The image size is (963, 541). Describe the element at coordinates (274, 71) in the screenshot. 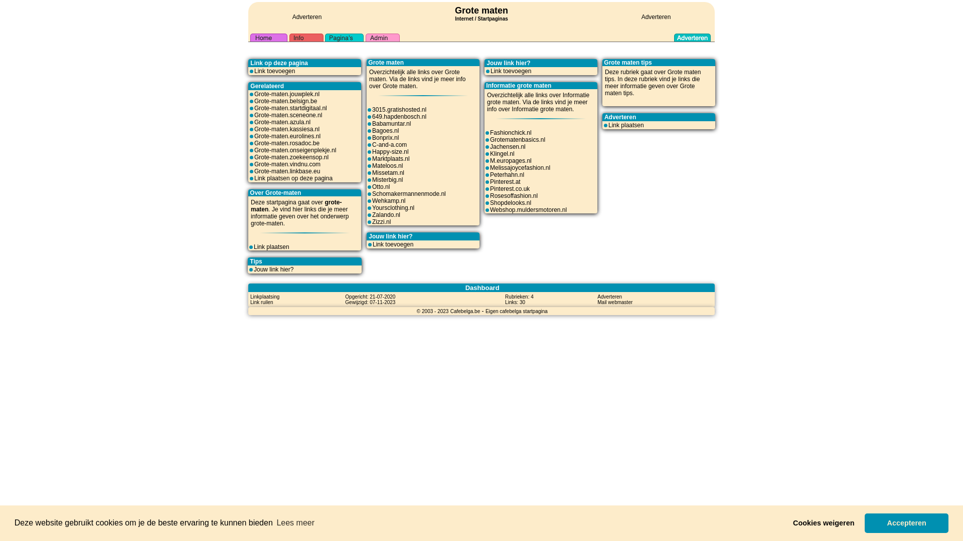

I see `'Link toevoegen'` at that location.